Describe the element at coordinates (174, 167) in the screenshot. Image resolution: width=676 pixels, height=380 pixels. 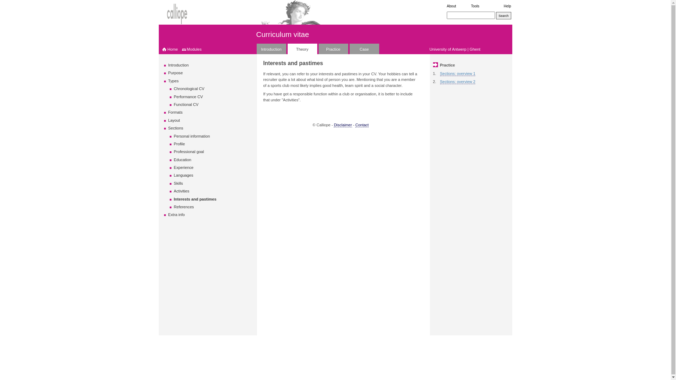
I see `'Experience'` at that location.